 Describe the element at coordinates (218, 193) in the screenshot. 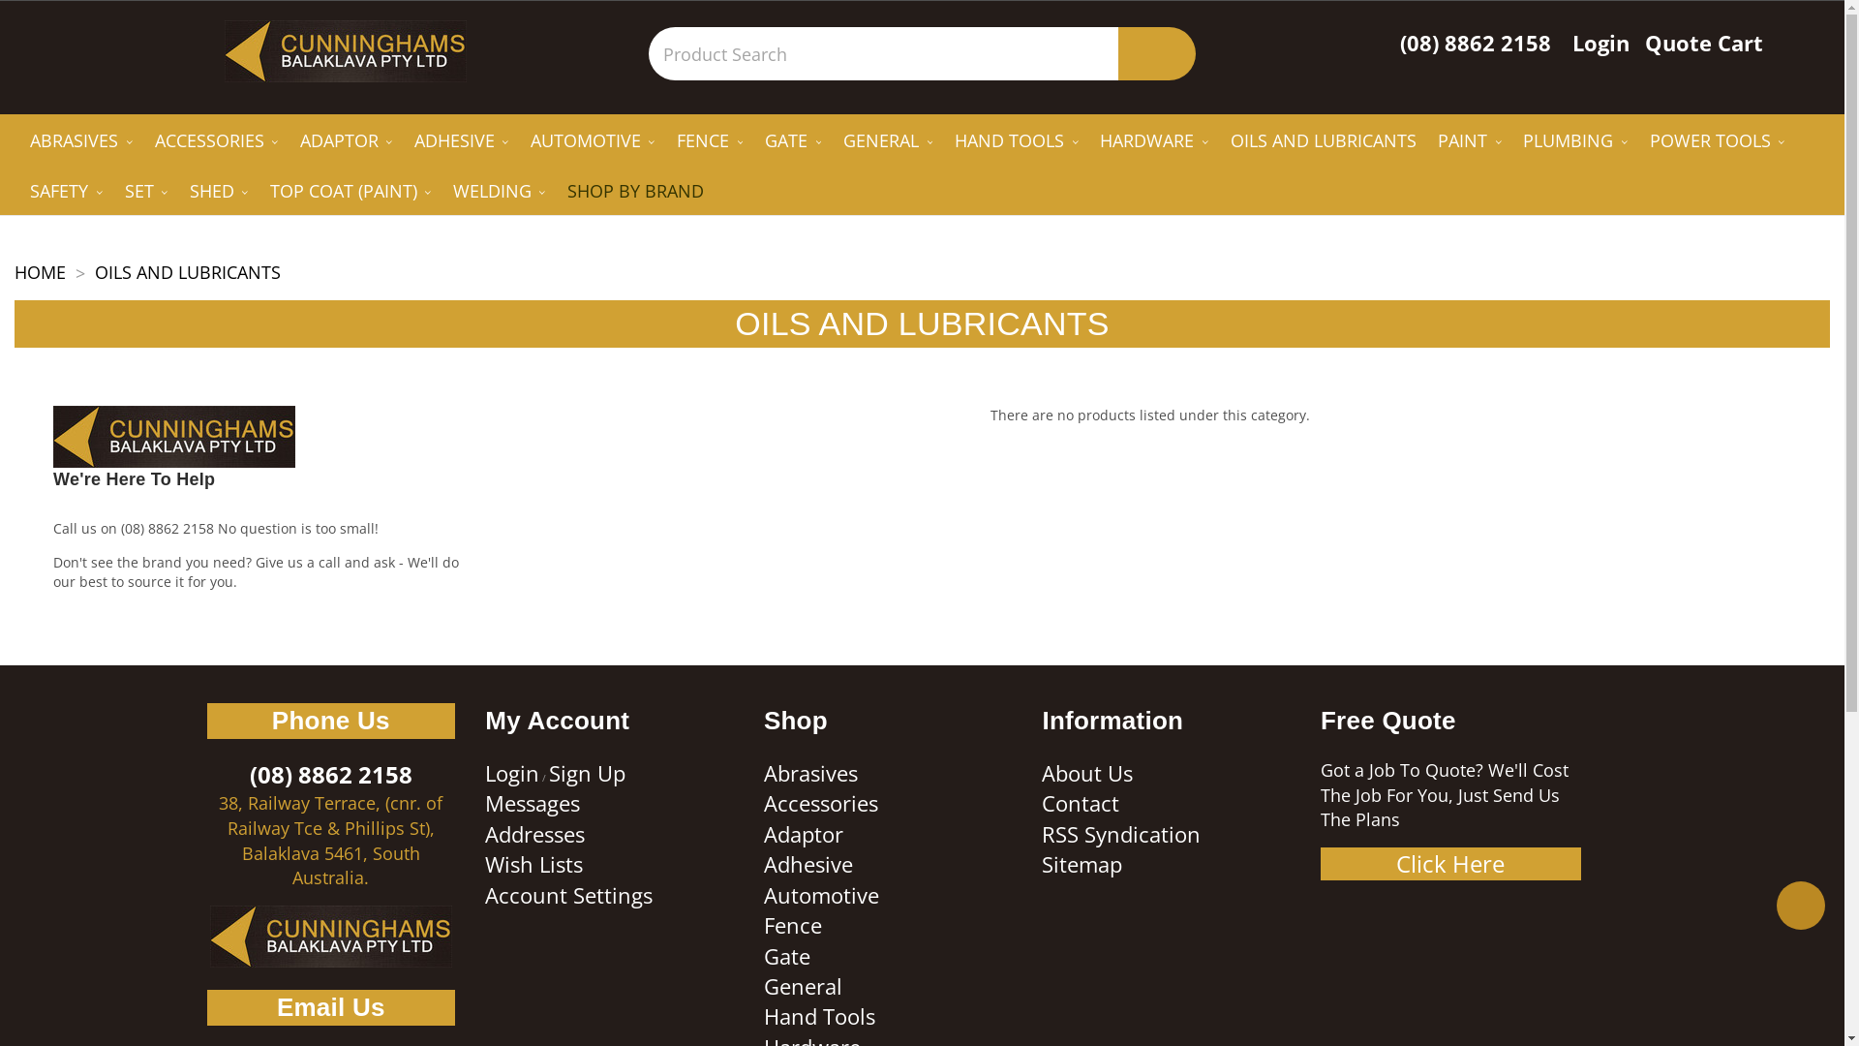

I see `'SHED'` at that location.